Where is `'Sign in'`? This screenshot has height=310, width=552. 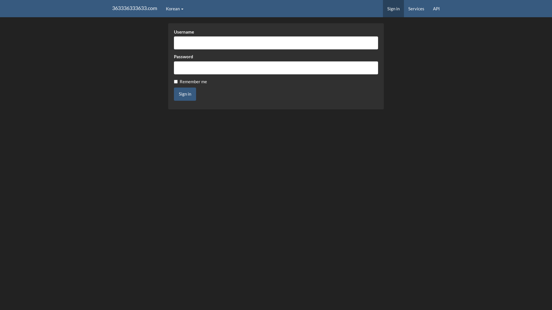 'Sign in' is located at coordinates (173, 94).